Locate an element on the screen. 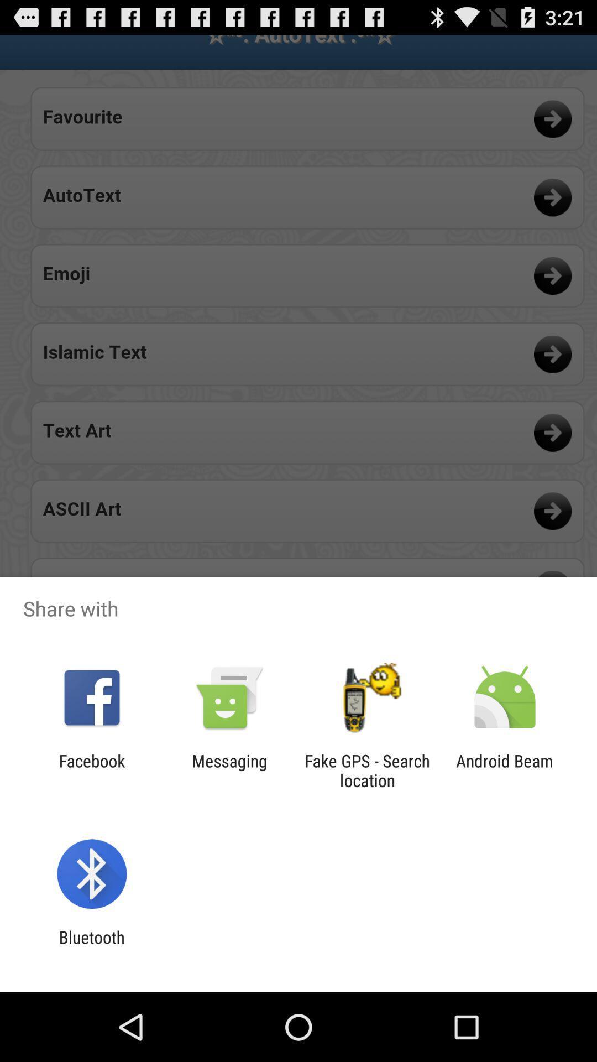  app to the right of facebook app is located at coordinates (229, 770).